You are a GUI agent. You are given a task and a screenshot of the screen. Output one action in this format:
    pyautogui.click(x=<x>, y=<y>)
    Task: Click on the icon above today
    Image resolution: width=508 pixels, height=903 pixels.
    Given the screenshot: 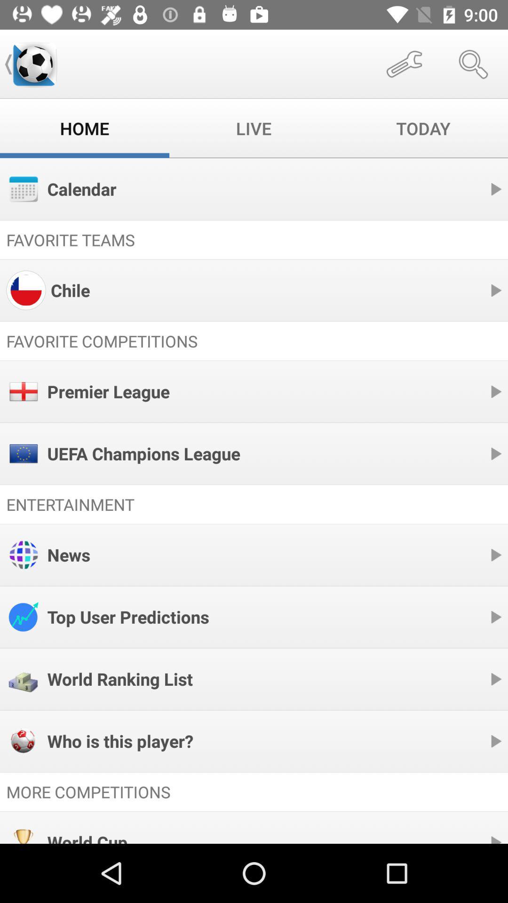 What is the action you would take?
    pyautogui.click(x=404, y=63)
    